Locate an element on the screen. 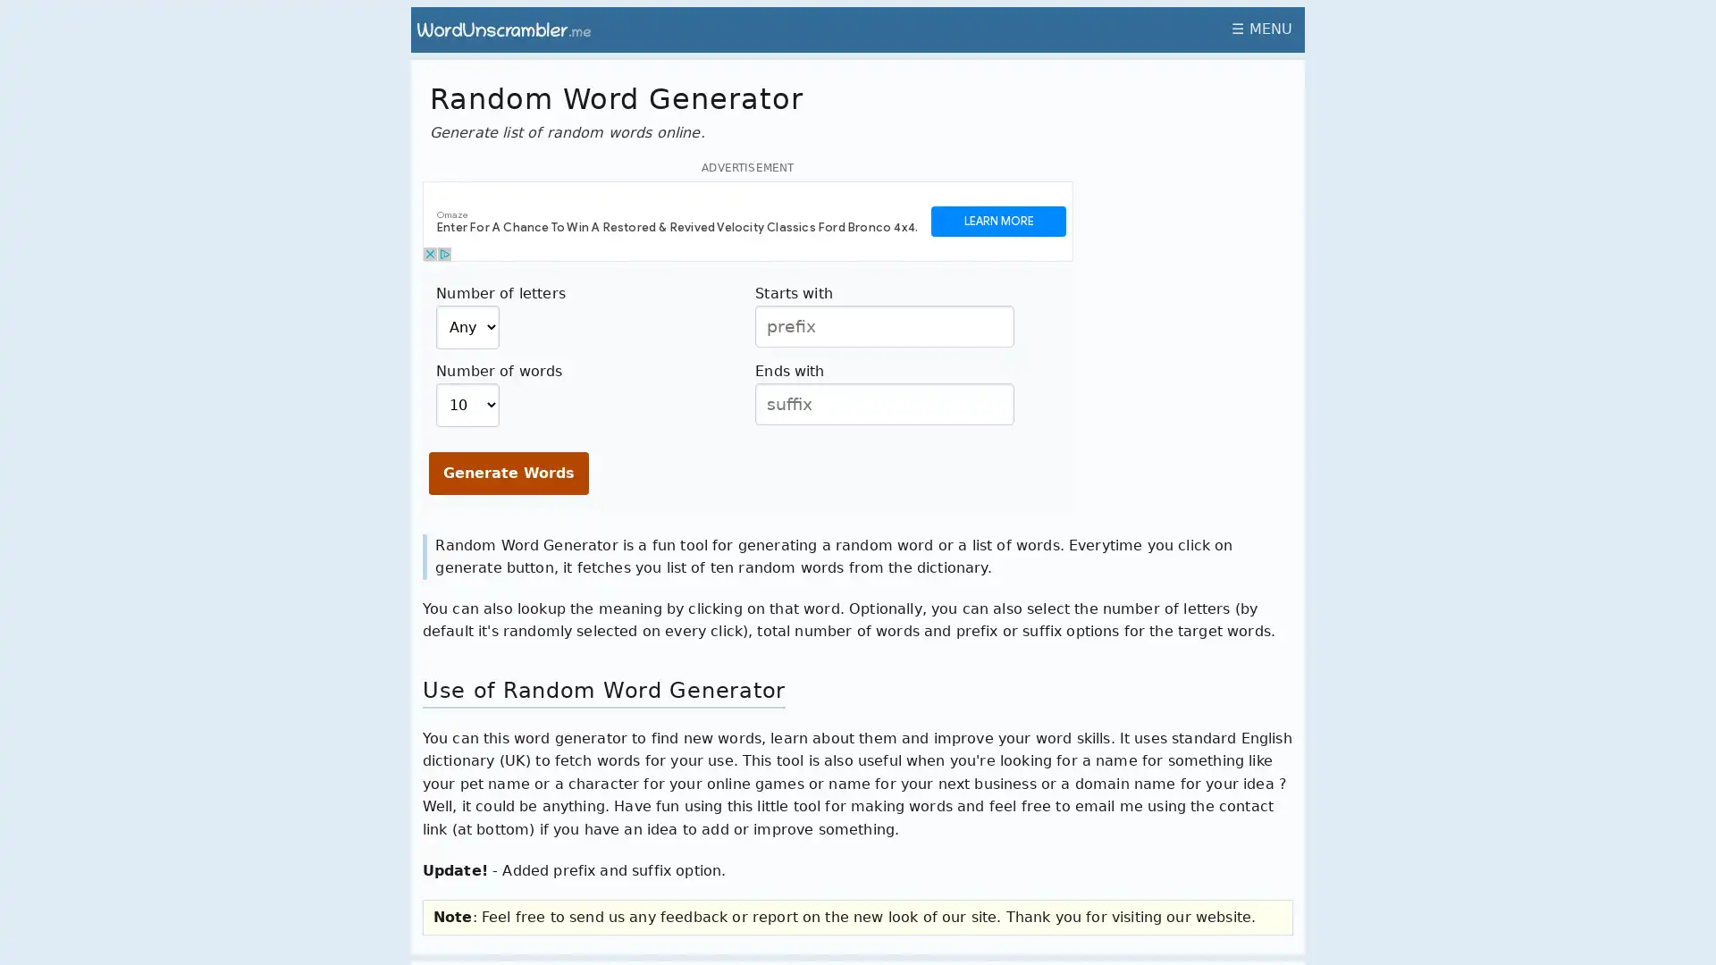 The width and height of the screenshot is (1716, 965). Generate Words is located at coordinates (508, 471).